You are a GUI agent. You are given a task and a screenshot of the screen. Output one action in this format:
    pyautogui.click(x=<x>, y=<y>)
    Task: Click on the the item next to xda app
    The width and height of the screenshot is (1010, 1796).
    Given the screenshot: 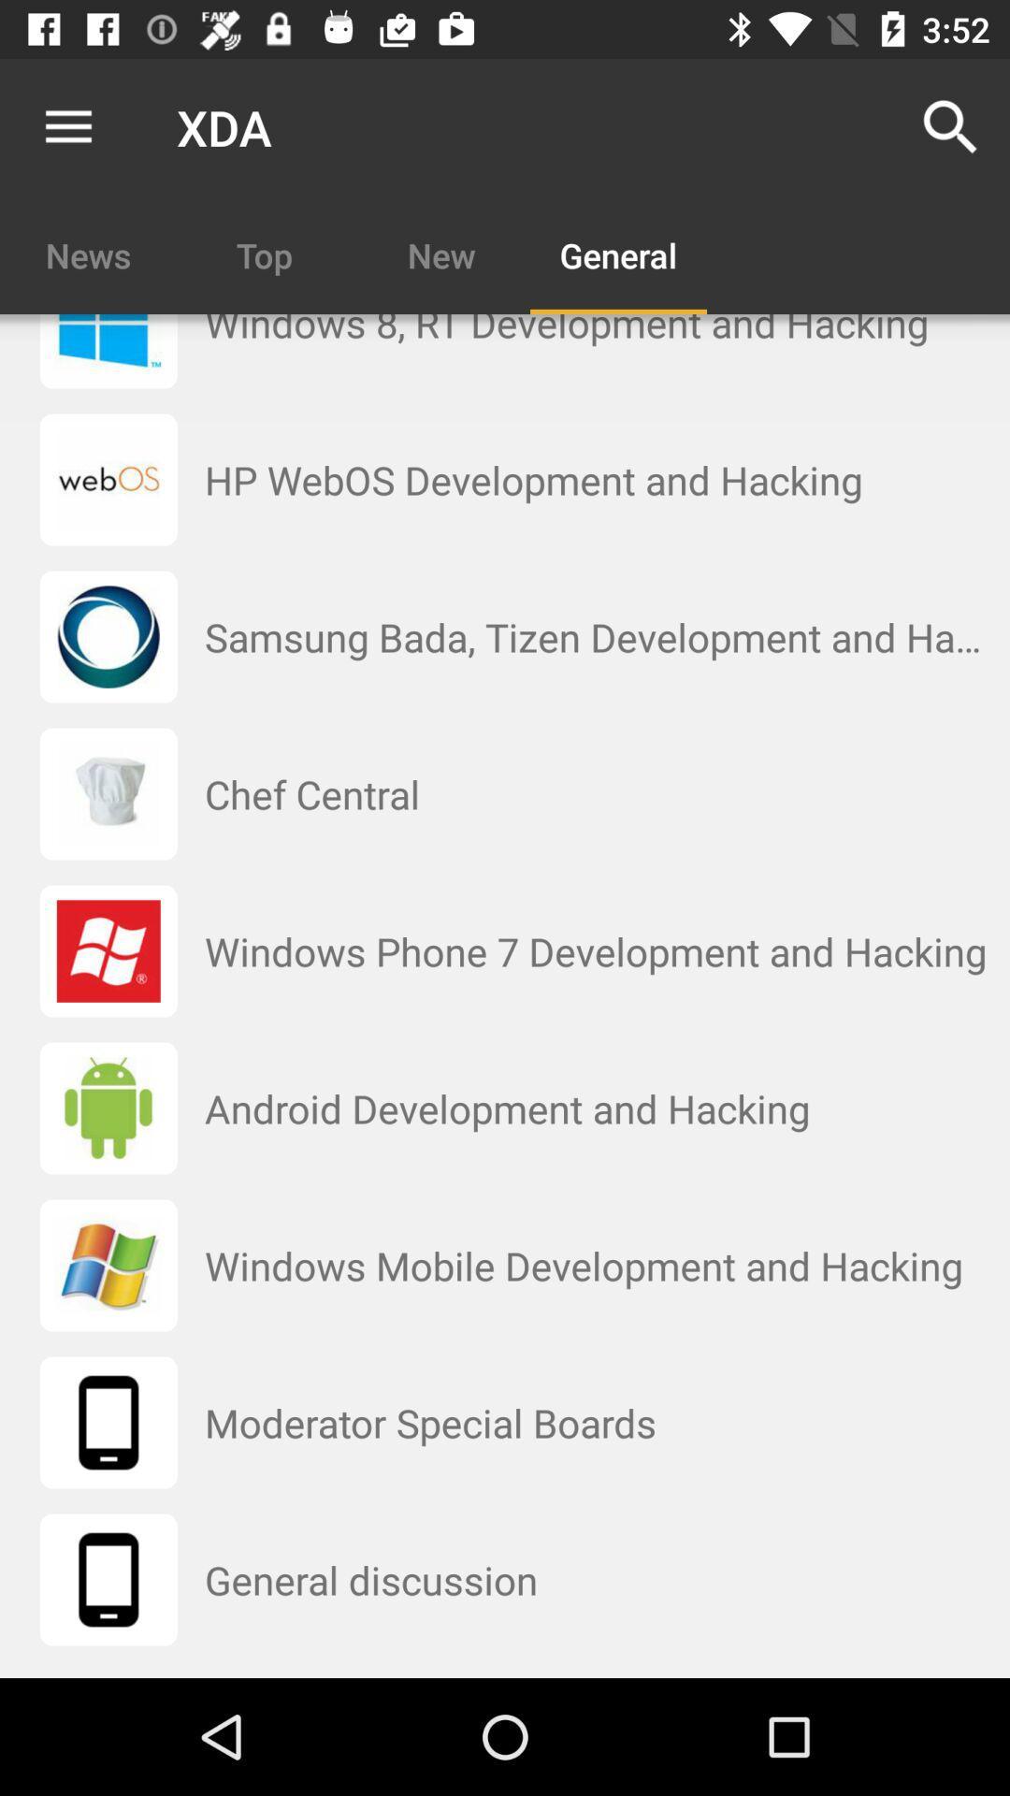 What is the action you would take?
    pyautogui.click(x=67, y=126)
    